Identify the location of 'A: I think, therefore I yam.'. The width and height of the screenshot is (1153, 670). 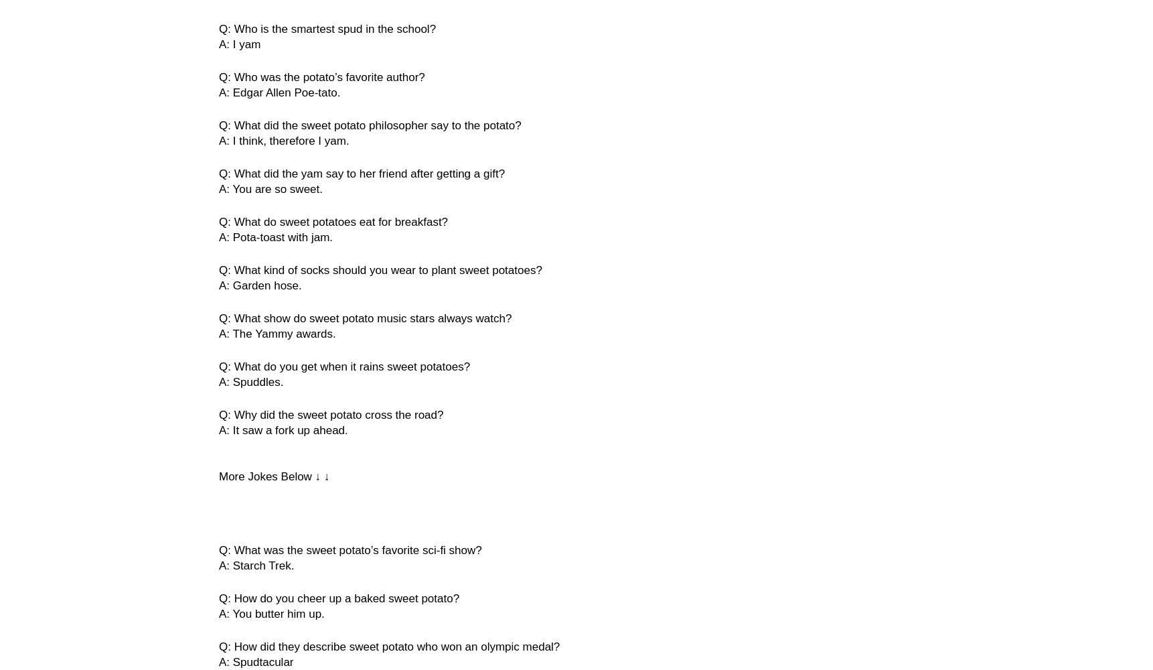
(283, 140).